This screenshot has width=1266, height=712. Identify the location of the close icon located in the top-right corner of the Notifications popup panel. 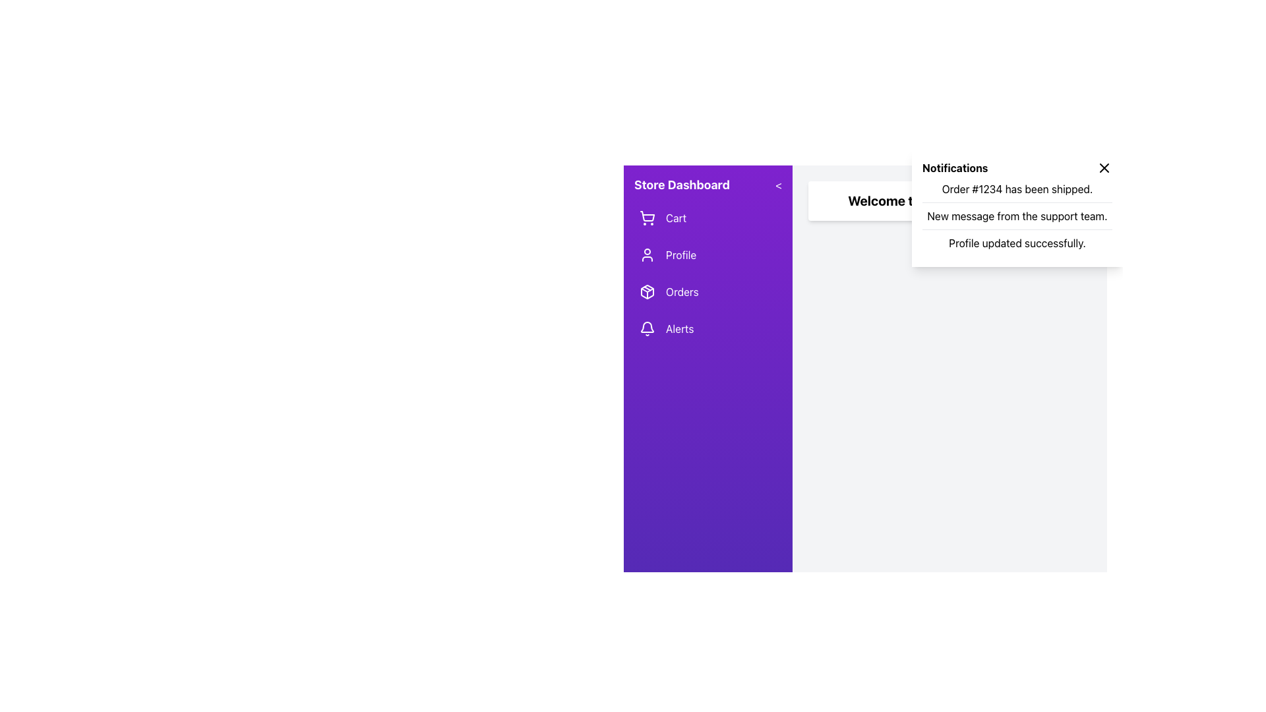
(1104, 167).